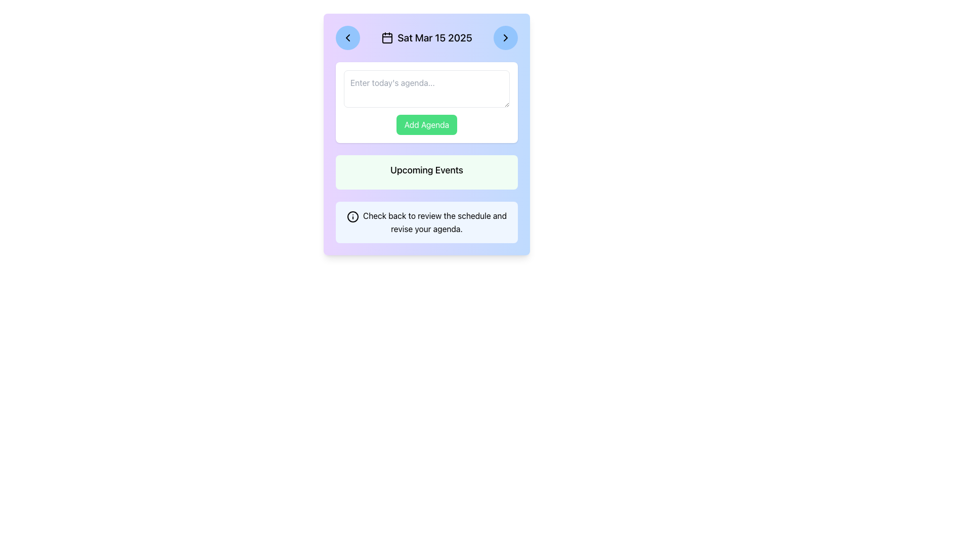 This screenshot has width=971, height=546. Describe the element at coordinates (505, 37) in the screenshot. I see `the circular blue button with a black right-pointing chevron icon located at the rightmost position in the header area displaying the date 'Sat Mar 15 2025' to activate the hover effect` at that location.